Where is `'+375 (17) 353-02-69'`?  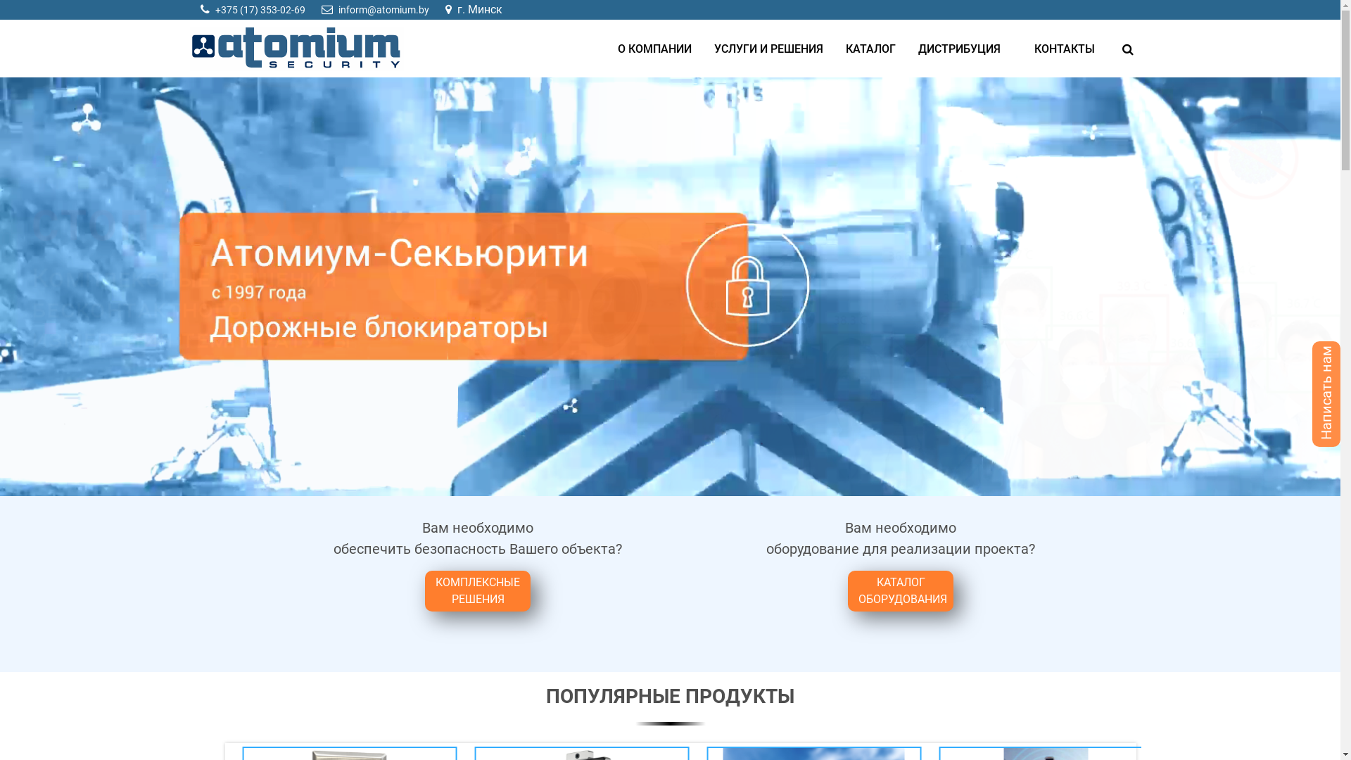
'+375 (17) 353-02-69' is located at coordinates (260, 10).